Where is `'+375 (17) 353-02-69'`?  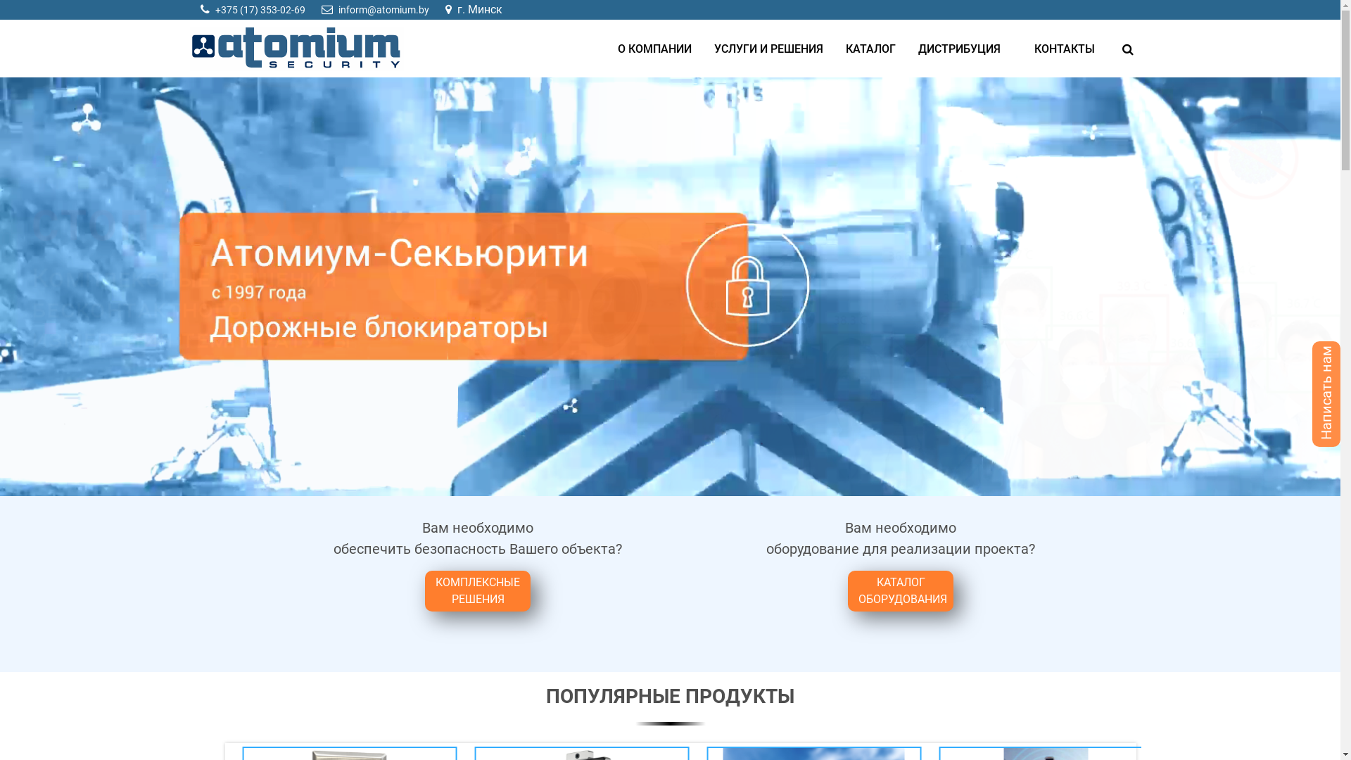
'+375 (17) 353-02-69' is located at coordinates (260, 10).